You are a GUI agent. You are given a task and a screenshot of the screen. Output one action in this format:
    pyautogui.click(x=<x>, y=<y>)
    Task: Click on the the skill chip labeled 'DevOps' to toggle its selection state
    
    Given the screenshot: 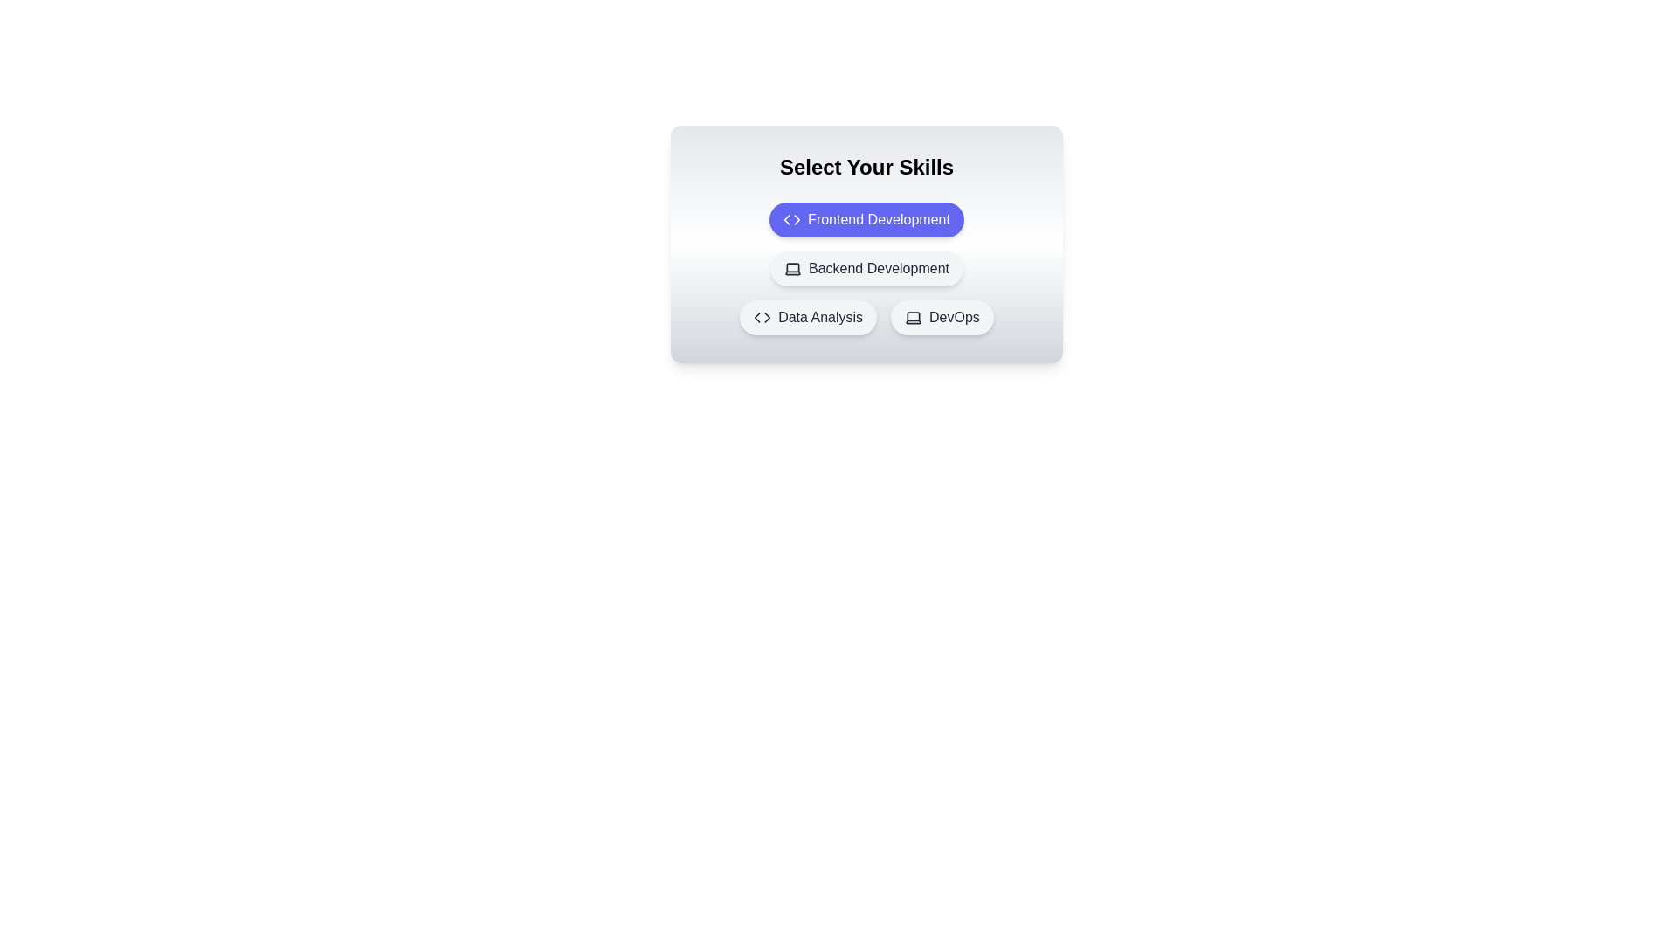 What is the action you would take?
    pyautogui.click(x=942, y=317)
    